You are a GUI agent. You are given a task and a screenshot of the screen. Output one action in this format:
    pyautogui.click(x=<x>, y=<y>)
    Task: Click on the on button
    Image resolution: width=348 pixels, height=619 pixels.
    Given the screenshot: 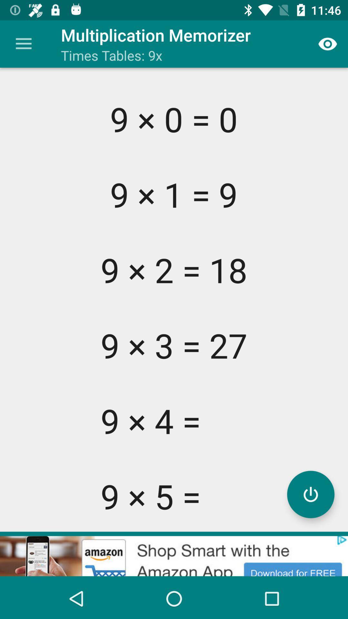 What is the action you would take?
    pyautogui.click(x=310, y=494)
    